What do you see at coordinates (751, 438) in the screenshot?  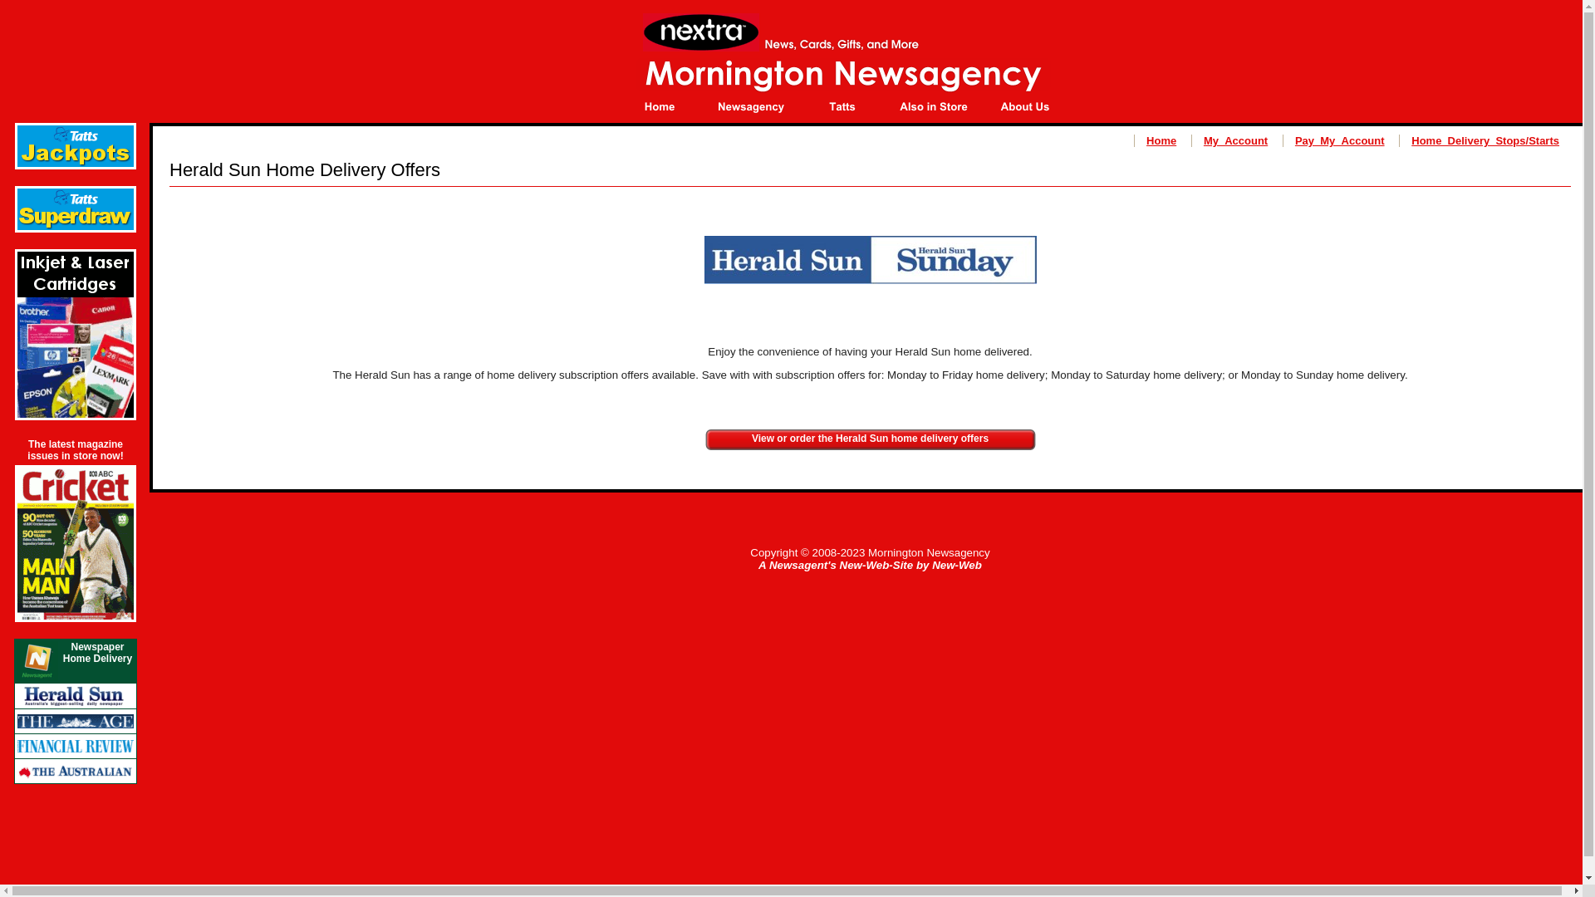 I see `'View or order the Herald Sun home delivery offers'` at bounding box center [751, 438].